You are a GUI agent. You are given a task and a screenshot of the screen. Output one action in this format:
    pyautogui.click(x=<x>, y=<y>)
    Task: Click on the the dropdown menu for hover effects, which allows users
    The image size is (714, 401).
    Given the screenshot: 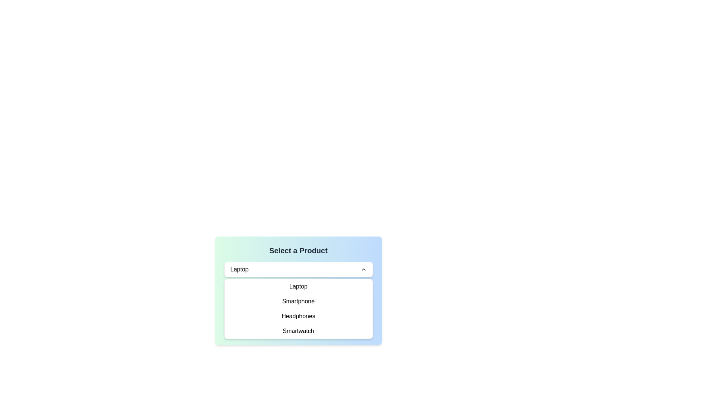 What is the action you would take?
    pyautogui.click(x=298, y=290)
    